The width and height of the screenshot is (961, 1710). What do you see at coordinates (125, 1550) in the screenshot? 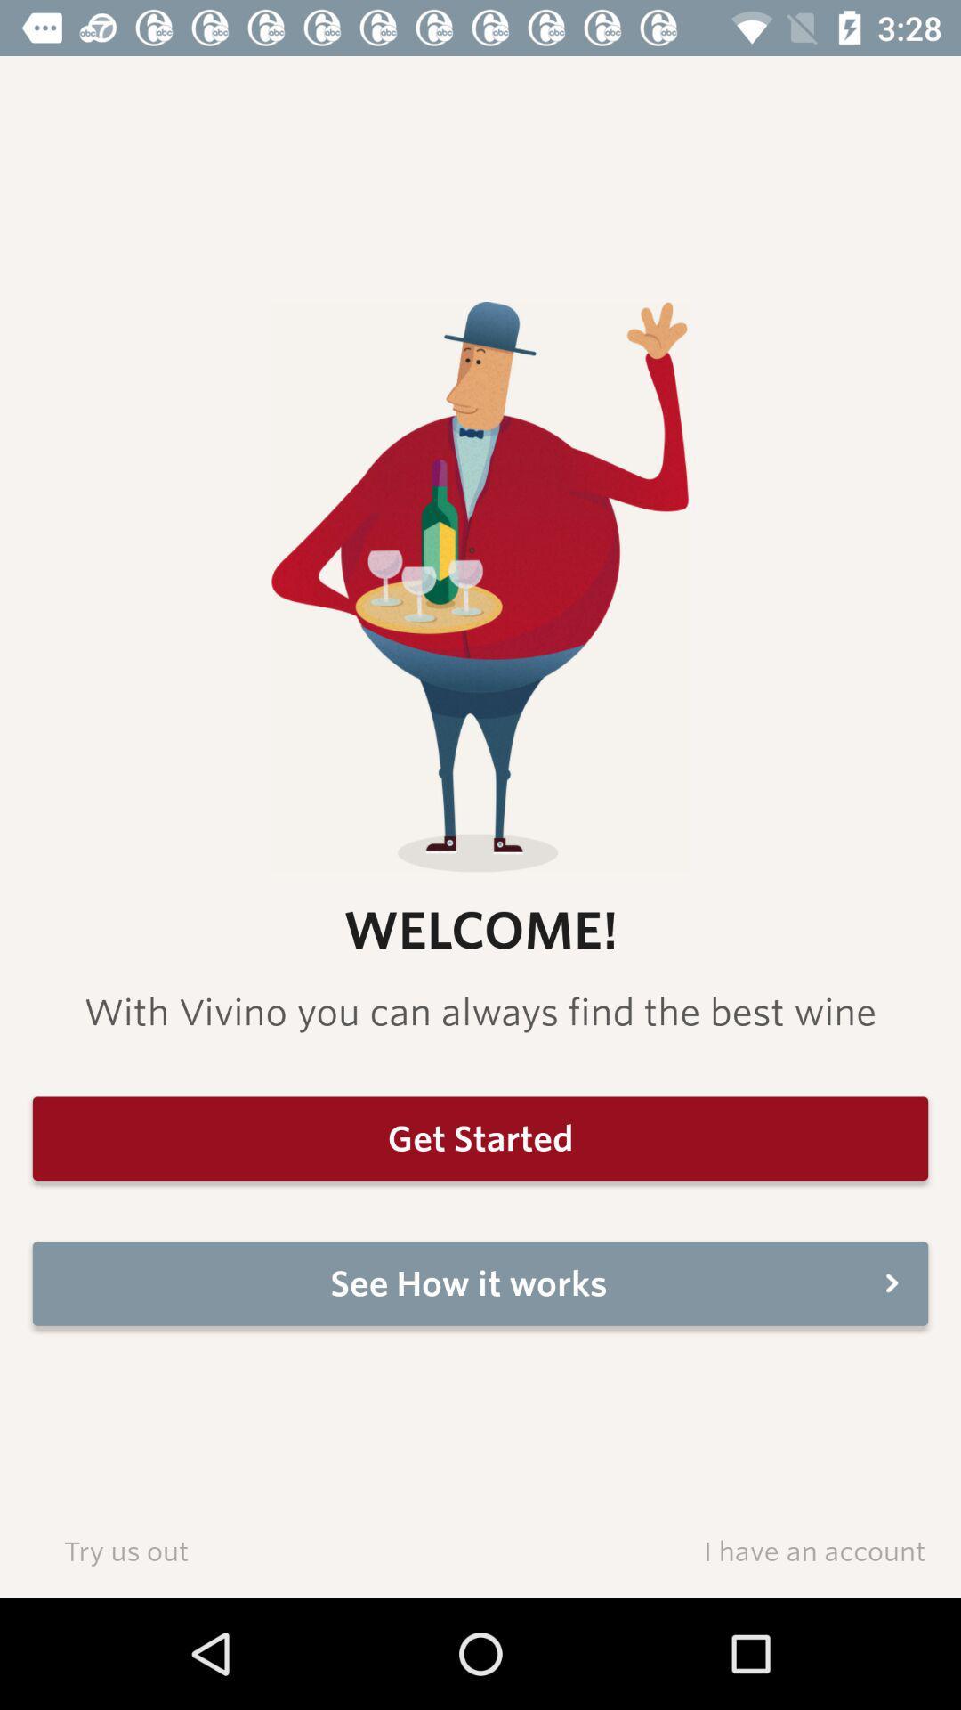
I see `item to the left of i have an item` at bounding box center [125, 1550].